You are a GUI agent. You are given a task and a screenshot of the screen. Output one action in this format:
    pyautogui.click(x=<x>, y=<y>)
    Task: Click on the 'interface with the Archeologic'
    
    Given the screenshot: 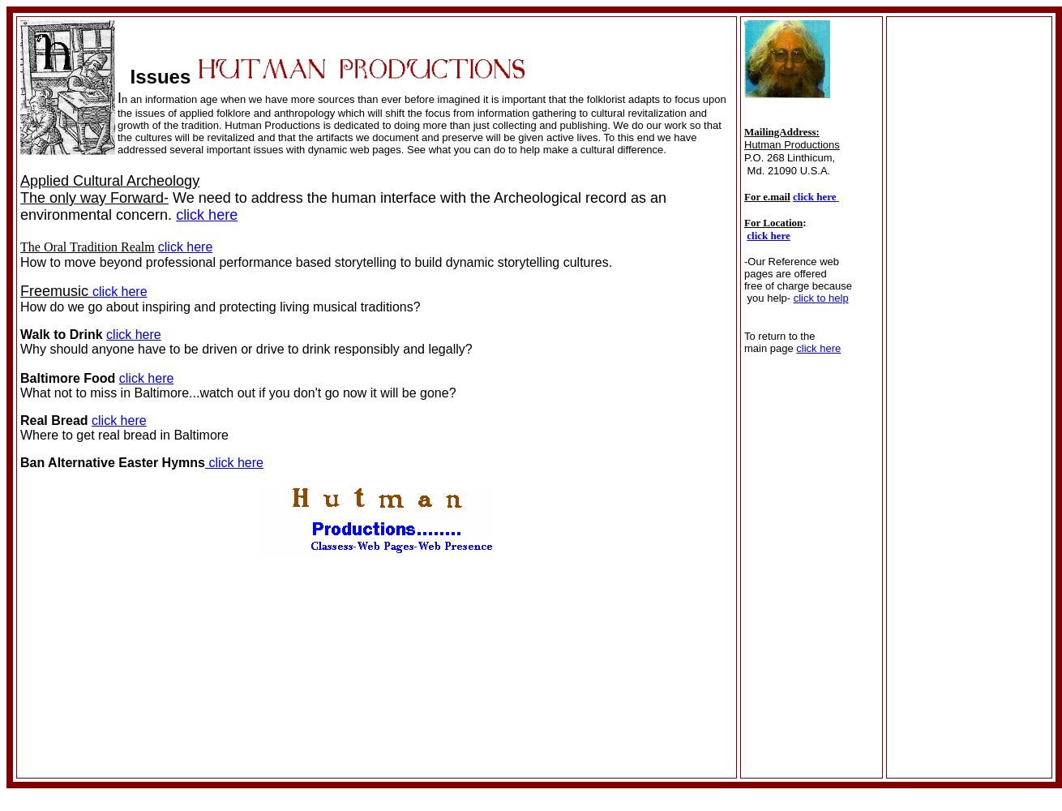 What is the action you would take?
    pyautogui.click(x=375, y=197)
    